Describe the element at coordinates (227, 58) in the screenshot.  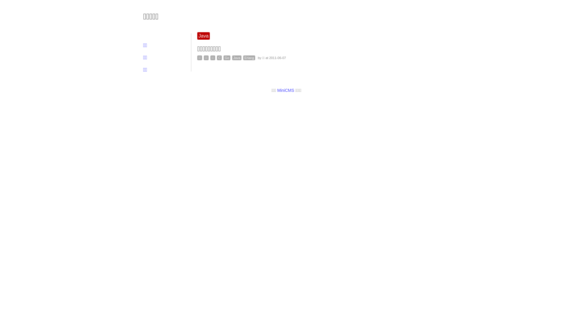
I see `'Go'` at that location.